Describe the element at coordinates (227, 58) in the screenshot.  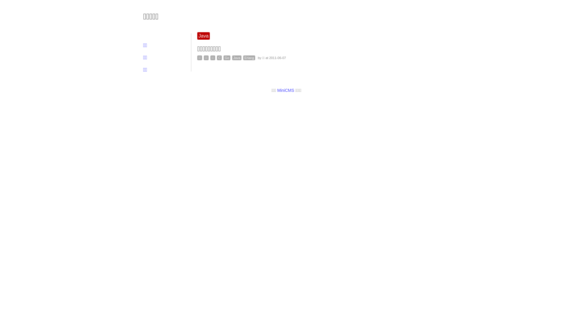
I see `'Go'` at that location.